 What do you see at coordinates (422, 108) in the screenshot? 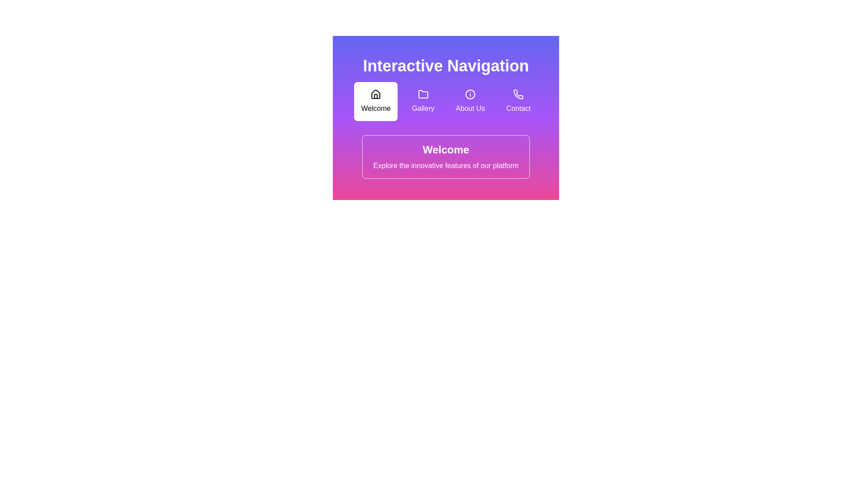
I see `the text label indicating the navigation item for the gallery, located below the folder icon in the interactive navigation menu` at bounding box center [422, 108].